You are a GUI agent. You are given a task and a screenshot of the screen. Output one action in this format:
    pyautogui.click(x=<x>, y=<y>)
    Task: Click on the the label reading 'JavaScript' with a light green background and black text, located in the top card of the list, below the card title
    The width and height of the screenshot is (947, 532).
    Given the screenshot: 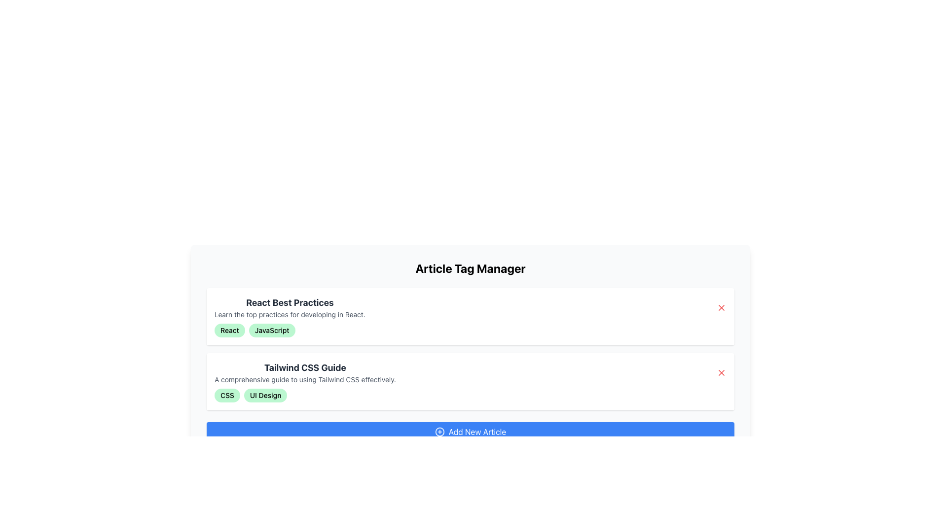 What is the action you would take?
    pyautogui.click(x=272, y=331)
    